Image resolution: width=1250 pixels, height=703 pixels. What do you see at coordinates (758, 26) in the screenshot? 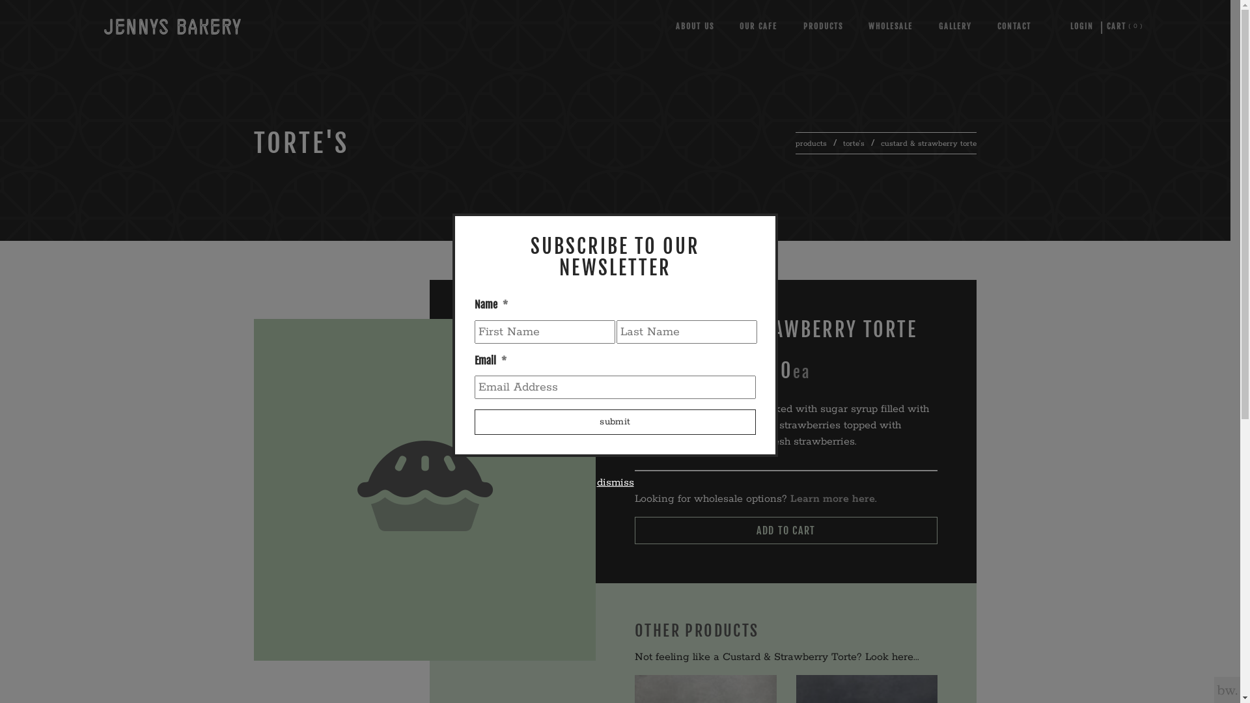
I see `'OUR CAFE'` at bounding box center [758, 26].